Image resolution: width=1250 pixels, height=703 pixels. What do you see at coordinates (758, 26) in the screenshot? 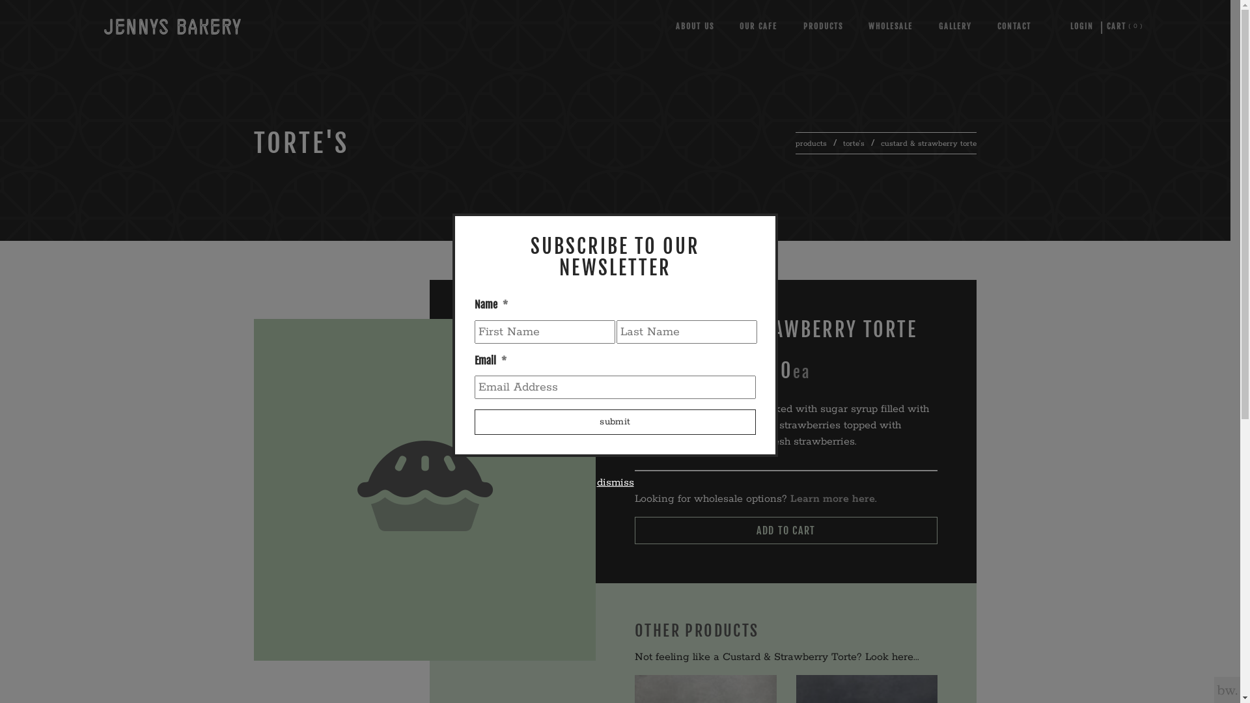
I see `'OUR CAFE'` at bounding box center [758, 26].